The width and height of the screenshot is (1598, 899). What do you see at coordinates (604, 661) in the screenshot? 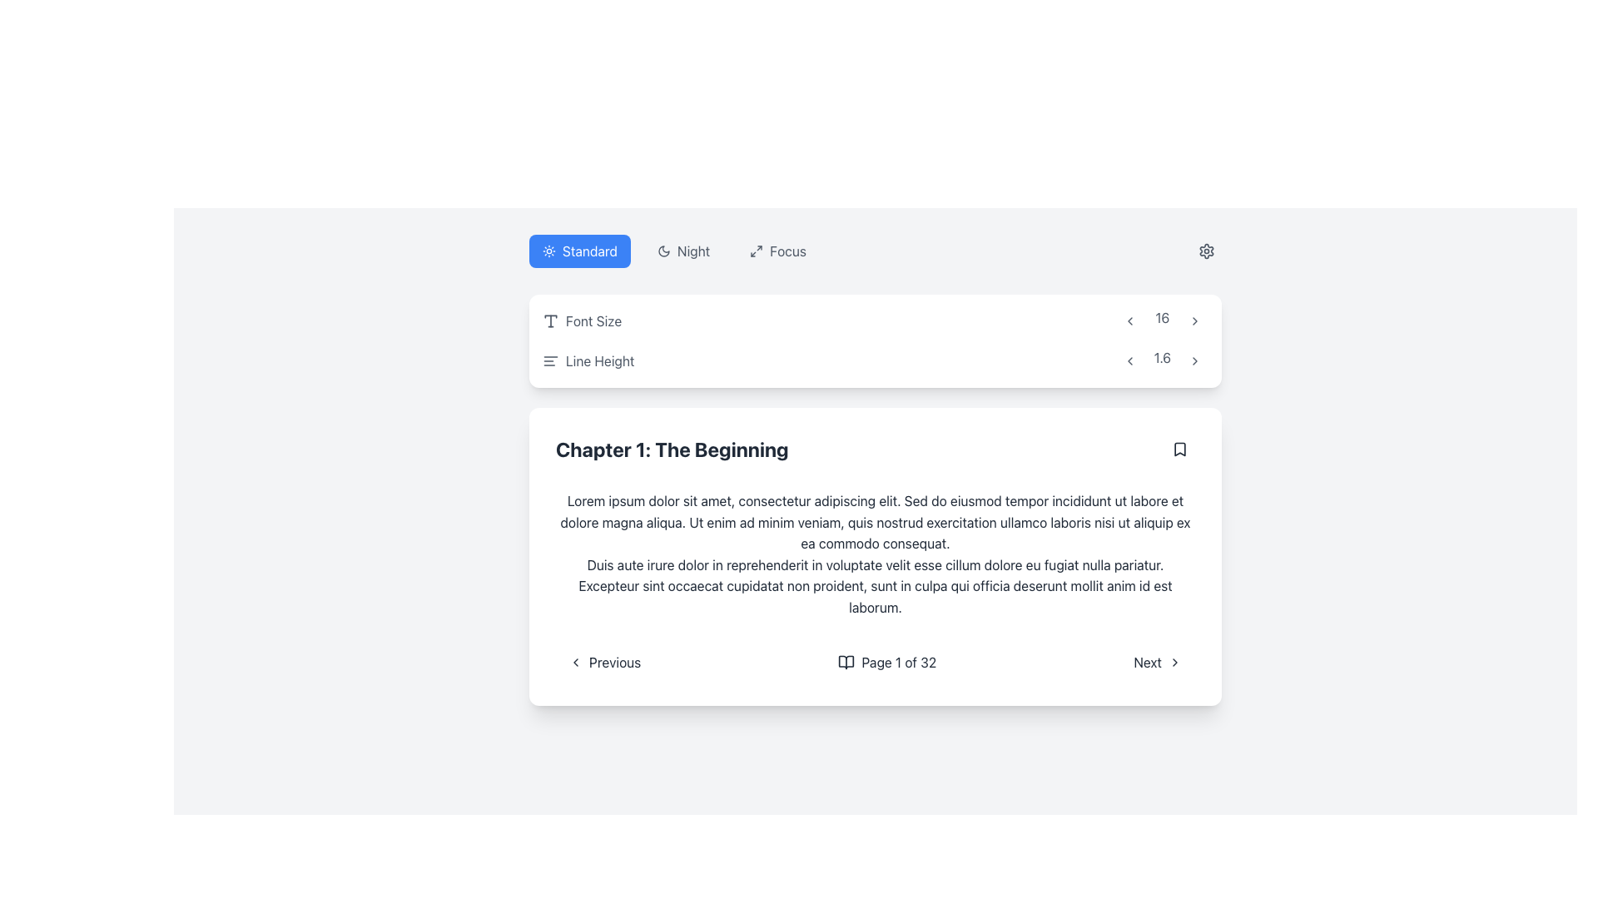
I see `the leftmost navigation button to move to the previous page in the content` at bounding box center [604, 661].